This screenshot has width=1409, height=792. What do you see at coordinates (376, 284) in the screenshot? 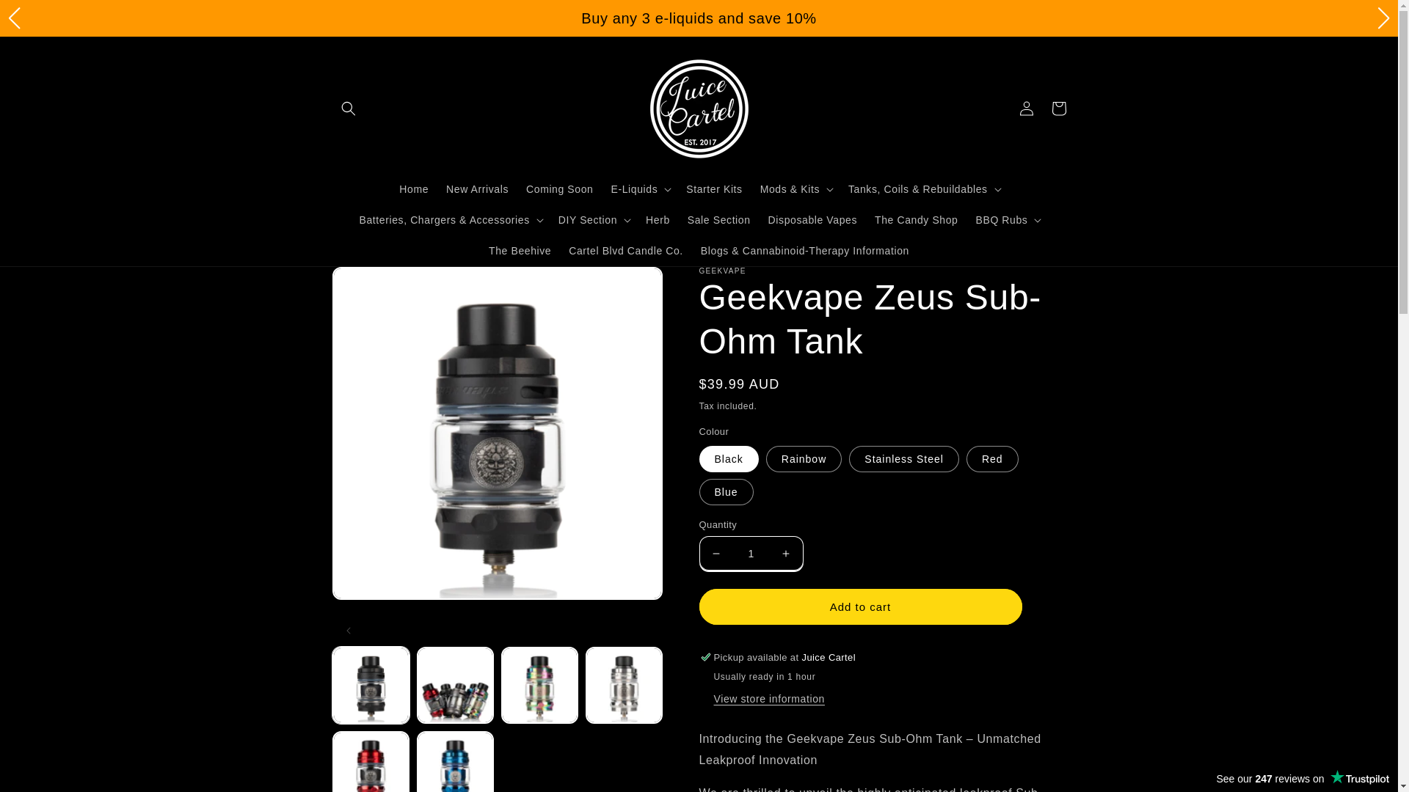
I see `'Skip to product information'` at bounding box center [376, 284].